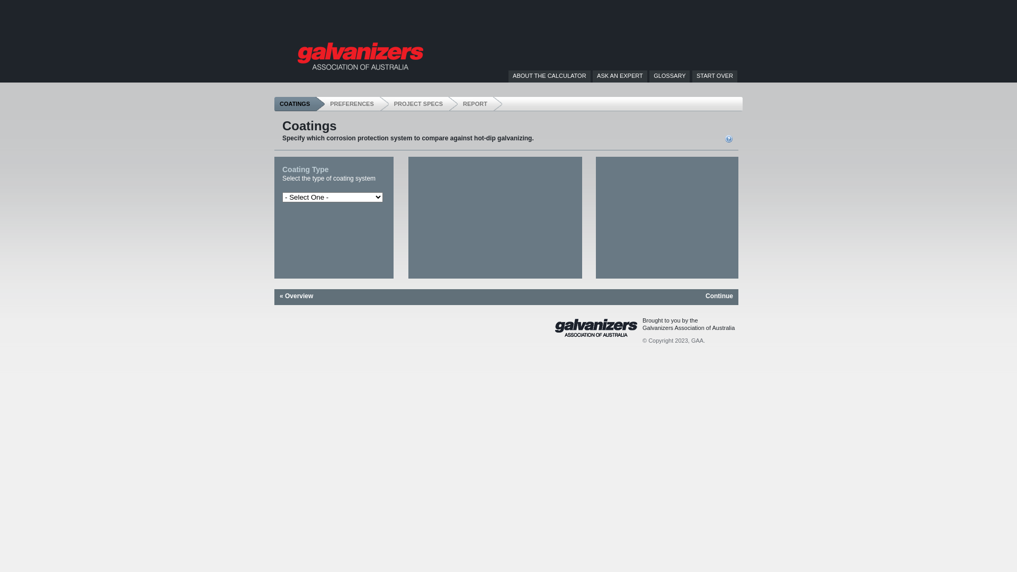 This screenshot has height=572, width=1017. Describe the element at coordinates (697, 75) in the screenshot. I see `'START OVER'` at that location.